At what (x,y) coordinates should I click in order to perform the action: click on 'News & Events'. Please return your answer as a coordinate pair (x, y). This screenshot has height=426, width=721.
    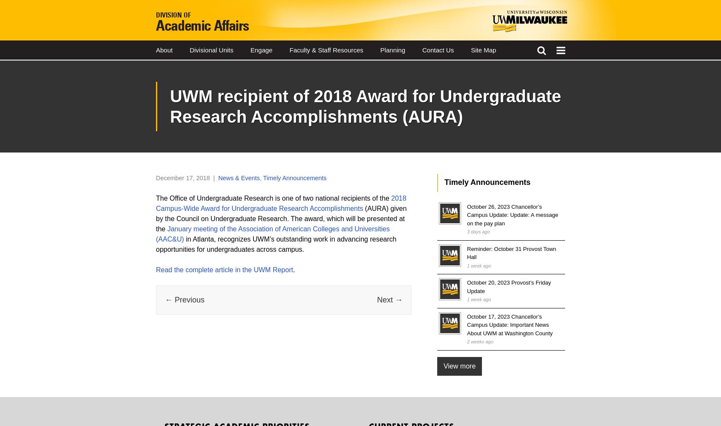
    Looking at the image, I should click on (218, 178).